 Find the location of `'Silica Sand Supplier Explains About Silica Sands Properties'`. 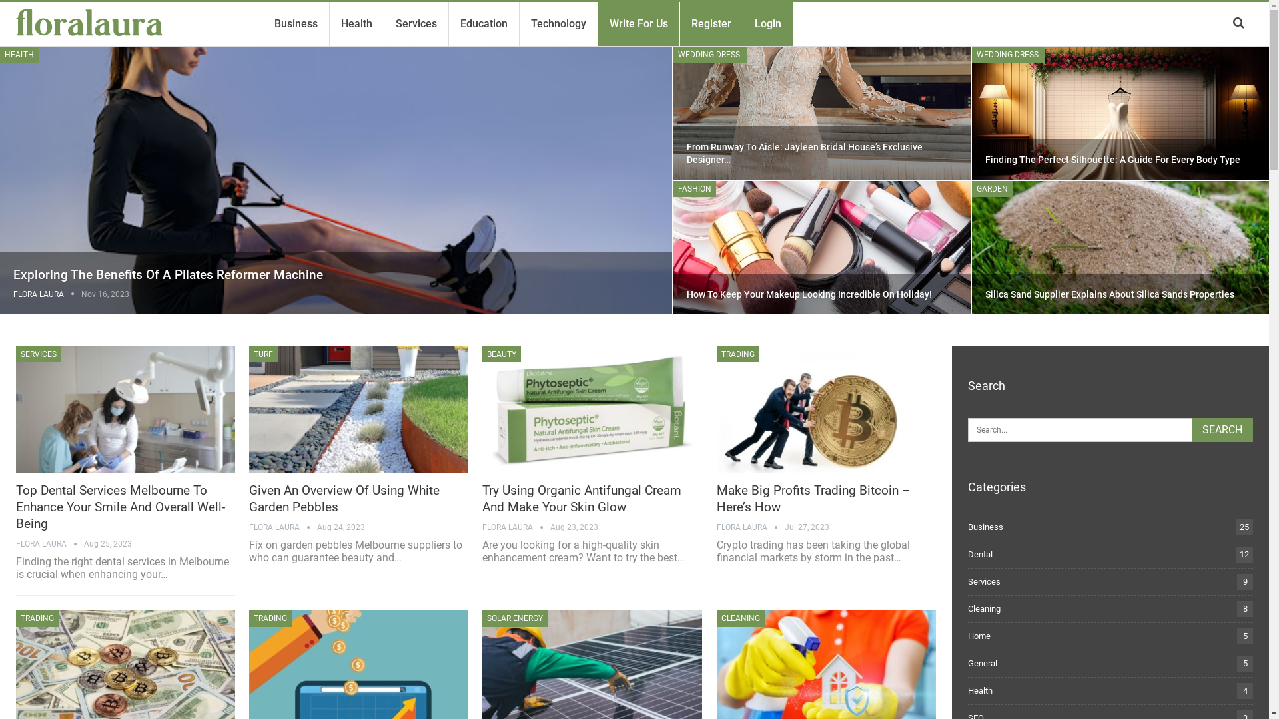

'Silica Sand Supplier Explains About Silica Sands Properties' is located at coordinates (971, 247).